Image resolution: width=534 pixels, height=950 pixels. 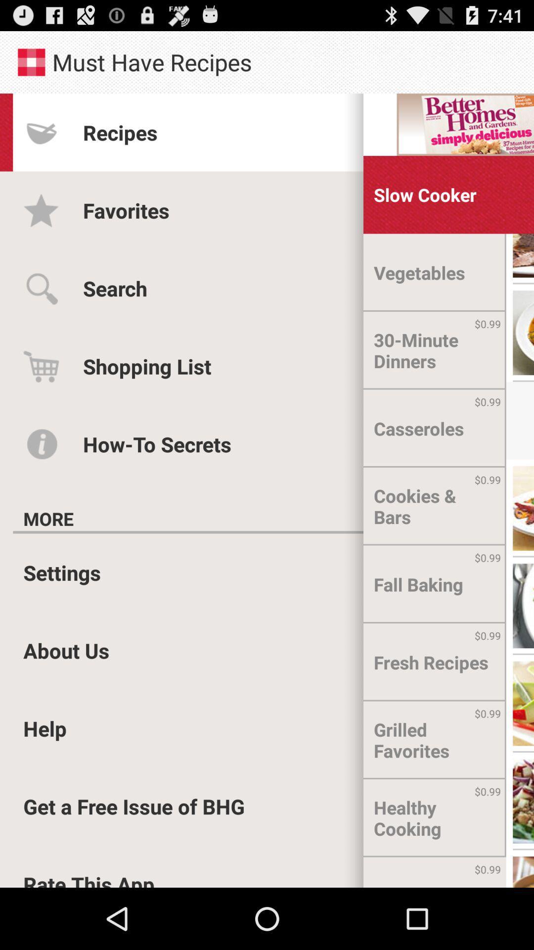 What do you see at coordinates (434, 506) in the screenshot?
I see `the cookies & bars app` at bounding box center [434, 506].